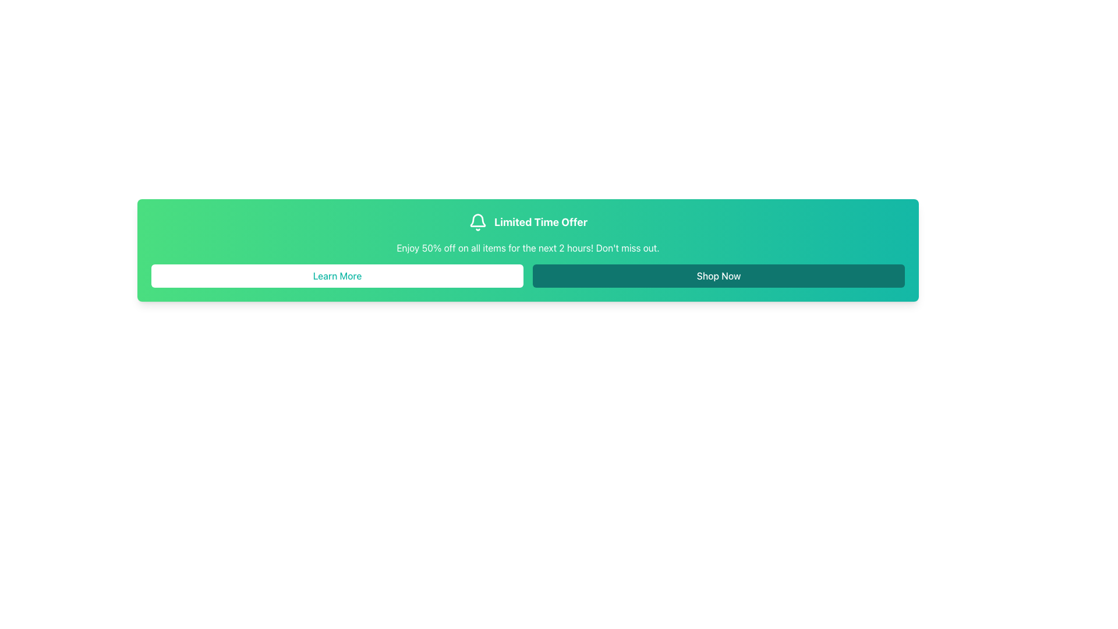 This screenshot has height=629, width=1118. What do you see at coordinates (477, 222) in the screenshot?
I see `the bell-shaped notification icon, which is styled in white on a green background and is positioned to the left of the 'Limited Time Offer' text` at bounding box center [477, 222].